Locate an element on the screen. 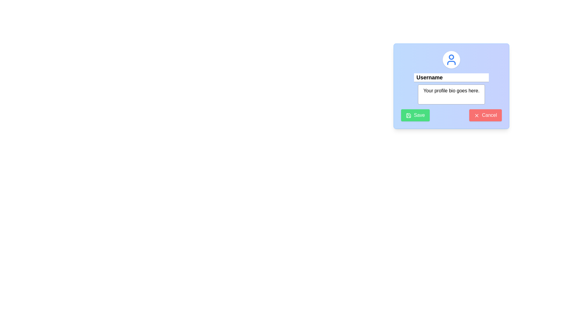  the 'Save' button located in the modal's footer section, which has a green background, rounded corners, and contains a save icon followed by the text 'Save' is located at coordinates (415, 115).